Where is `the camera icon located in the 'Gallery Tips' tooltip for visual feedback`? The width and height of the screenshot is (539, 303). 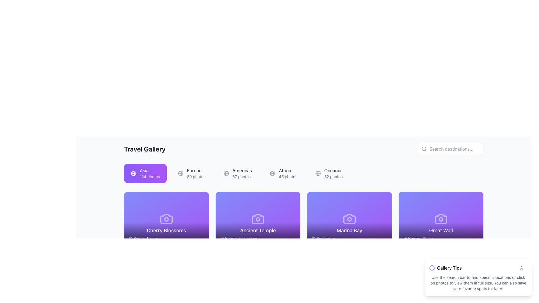 the camera icon located in the 'Gallery Tips' tooltip for visual feedback is located at coordinates (440, 279).